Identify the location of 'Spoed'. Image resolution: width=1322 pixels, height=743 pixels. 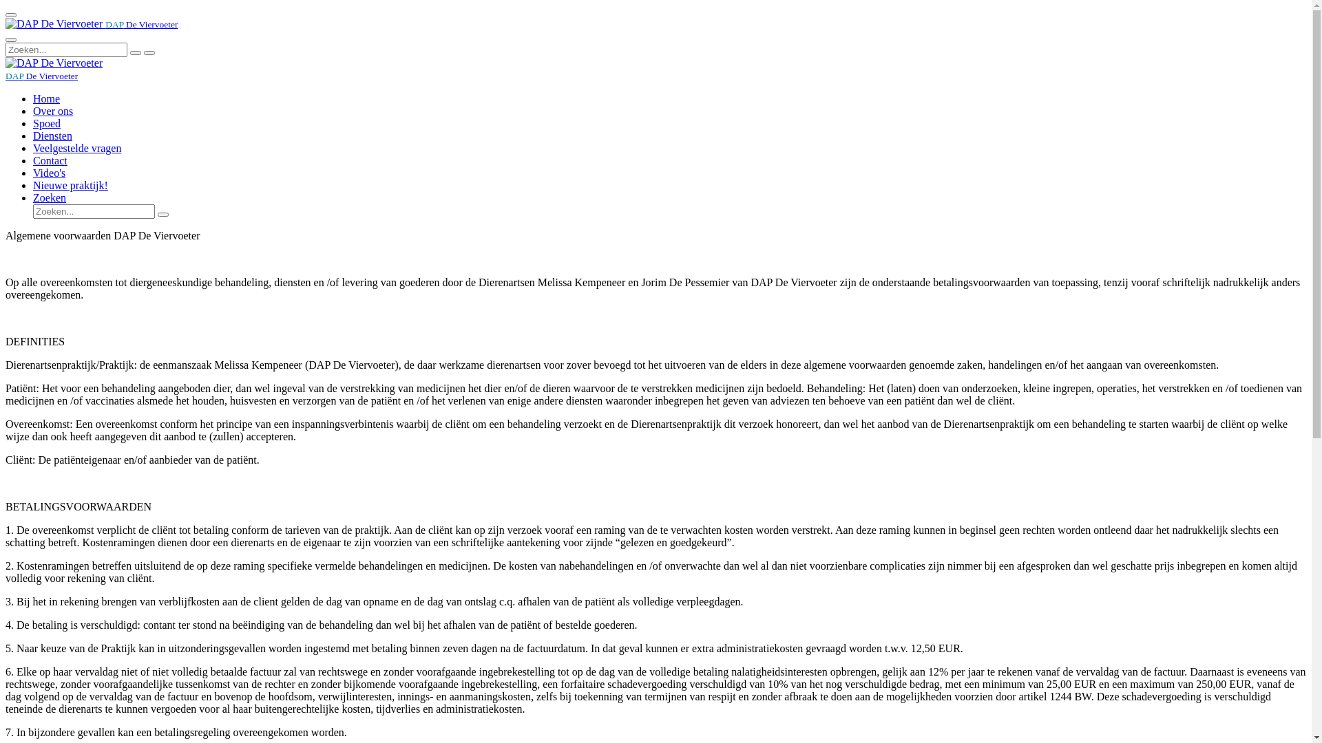
(46, 122).